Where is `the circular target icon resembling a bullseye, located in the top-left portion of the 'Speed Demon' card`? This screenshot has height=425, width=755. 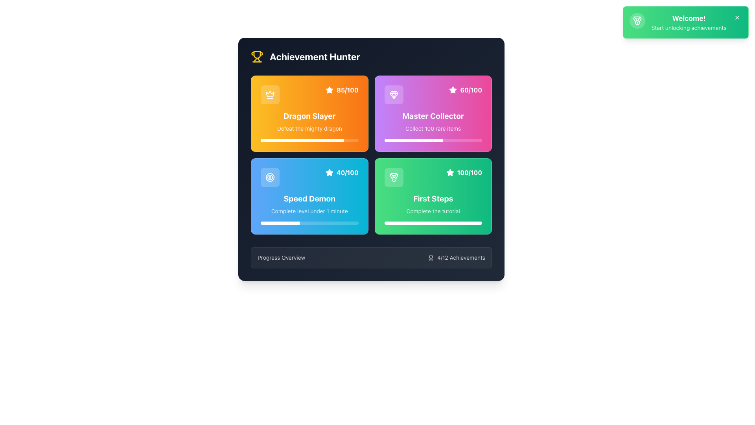
the circular target icon resembling a bullseye, located in the top-left portion of the 'Speed Demon' card is located at coordinates (270, 177).